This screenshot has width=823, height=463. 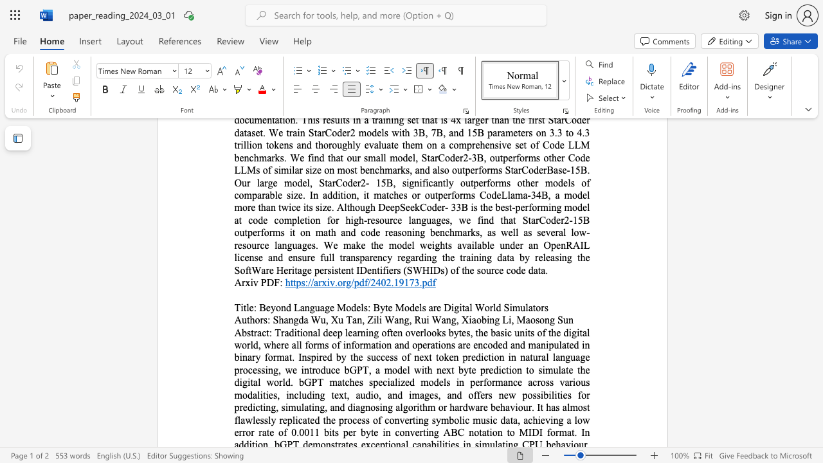 What do you see at coordinates (502, 319) in the screenshot?
I see `the subset text "Li" within the text "Xiaobing Li,"` at bounding box center [502, 319].